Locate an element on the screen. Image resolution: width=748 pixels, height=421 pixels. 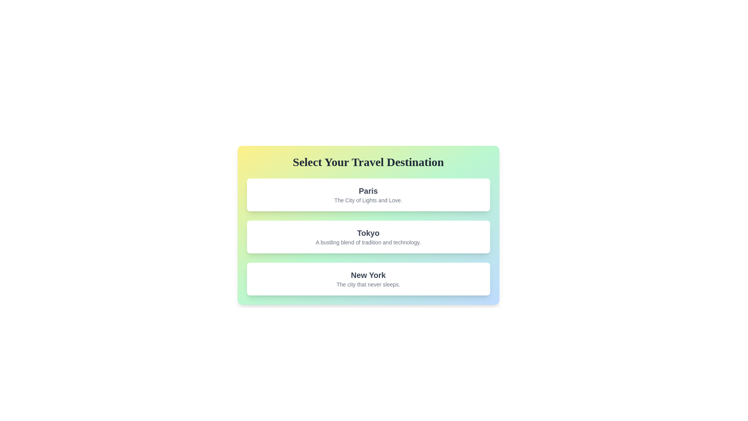
the informational text block that displays 'Tokyo' and its description, which is part of a card-like structure in the middle of three vertically stacked cards is located at coordinates (368, 237).